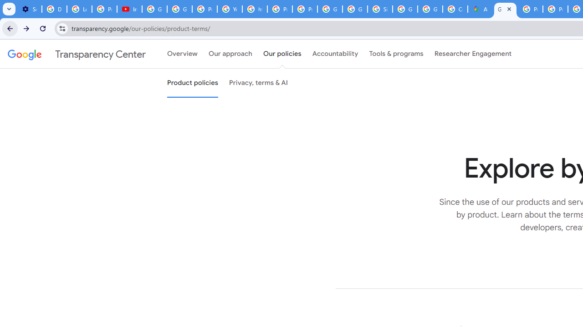 This screenshot has height=327, width=583. What do you see at coordinates (54, 9) in the screenshot?
I see `'Delete photos & videos - Computer - Google Photos Help'` at bounding box center [54, 9].